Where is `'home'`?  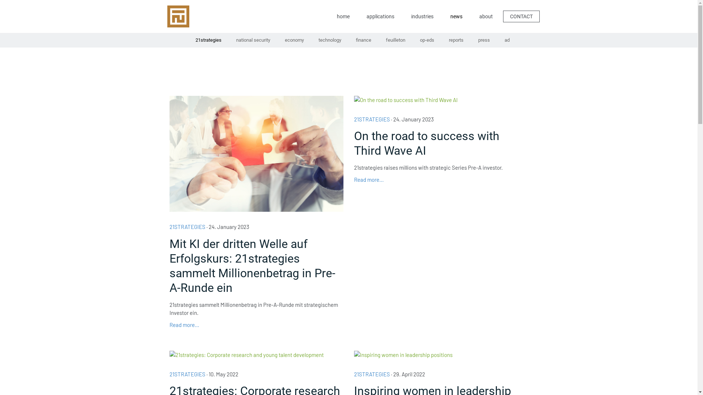 'home' is located at coordinates (343, 16).